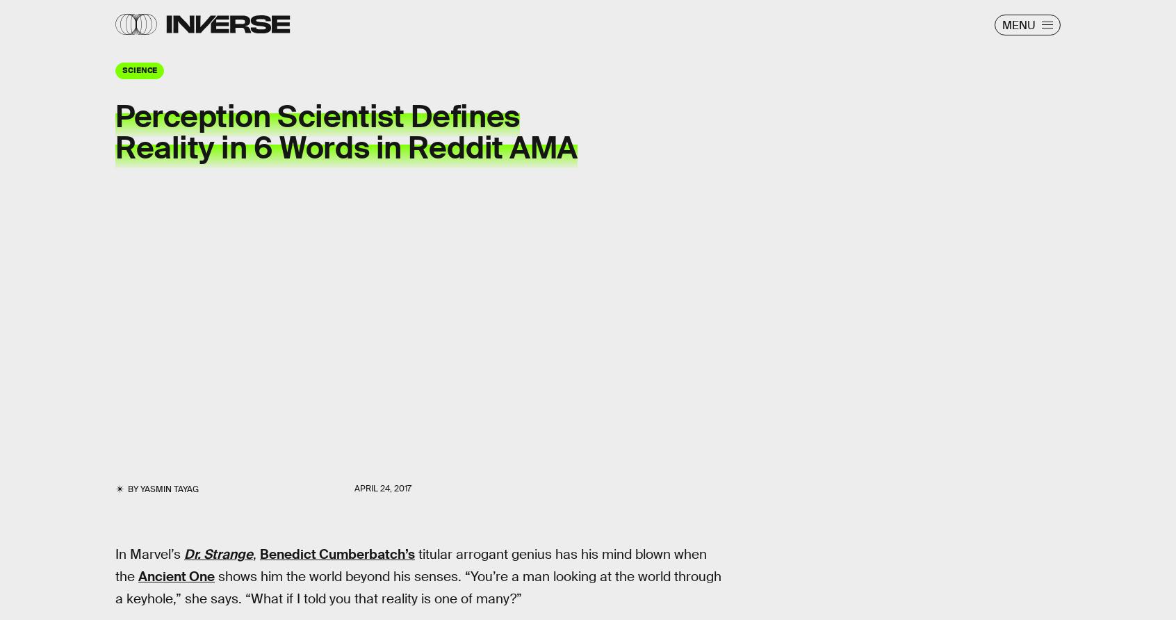 The width and height of the screenshot is (1176, 620). What do you see at coordinates (1018, 24) in the screenshot?
I see `'Menu'` at bounding box center [1018, 24].